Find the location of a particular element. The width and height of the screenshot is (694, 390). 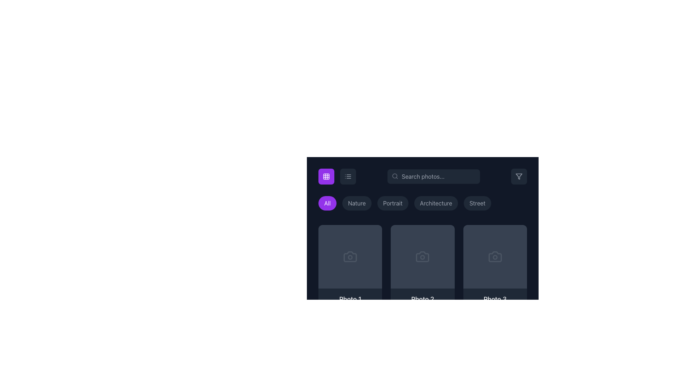

the toggle button for different view types, located on the far left of the button row is located at coordinates (326, 177).